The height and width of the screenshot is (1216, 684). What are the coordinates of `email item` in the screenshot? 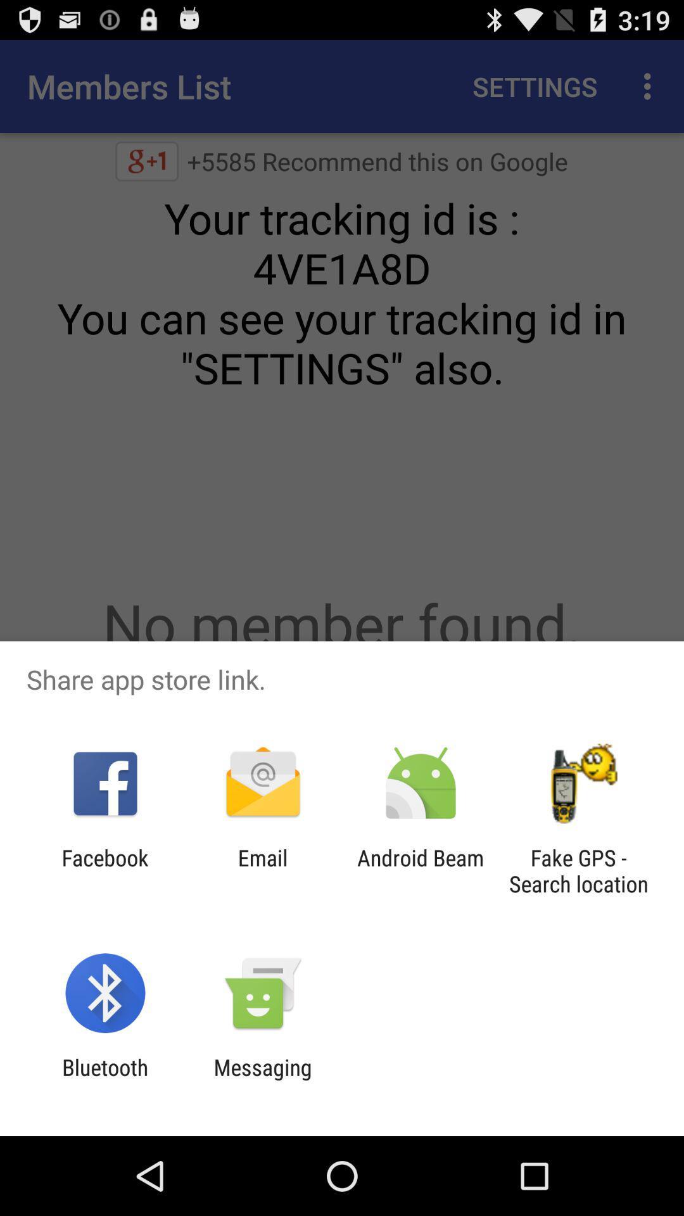 It's located at (262, 870).